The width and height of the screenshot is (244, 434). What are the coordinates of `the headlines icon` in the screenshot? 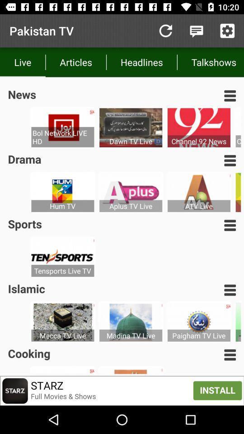 It's located at (141, 61).